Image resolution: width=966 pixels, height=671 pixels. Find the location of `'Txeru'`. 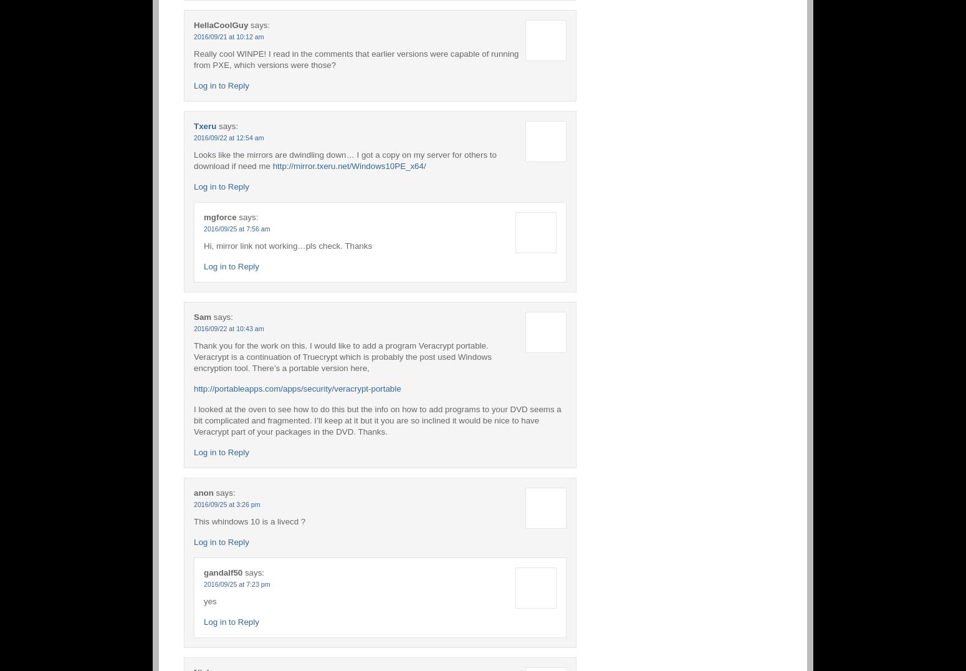

'Txeru' is located at coordinates (193, 125).